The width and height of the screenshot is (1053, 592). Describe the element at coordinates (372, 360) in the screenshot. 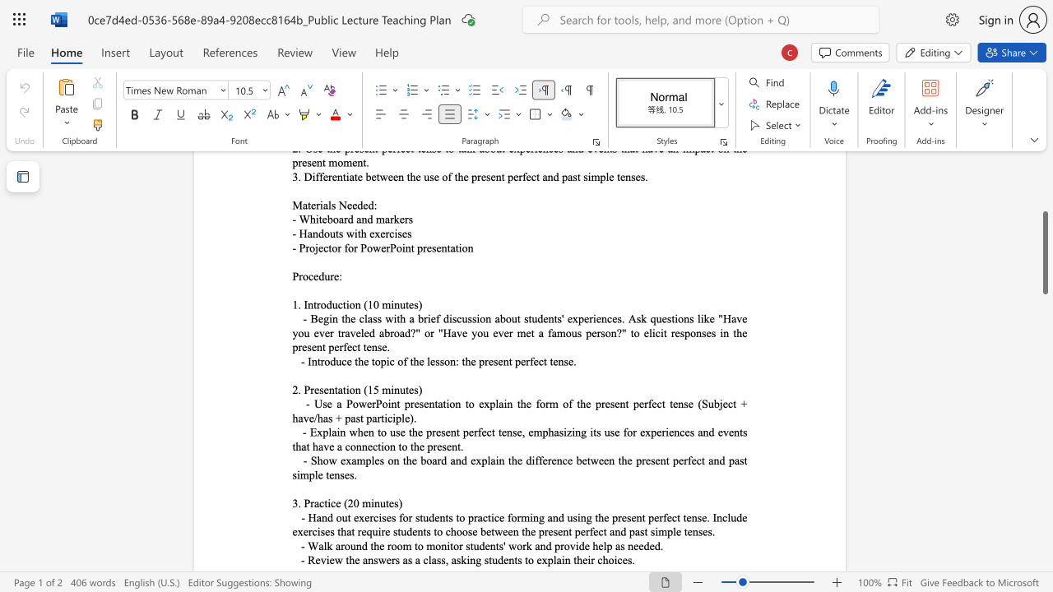

I see `the 3th character "t" in the text` at that location.